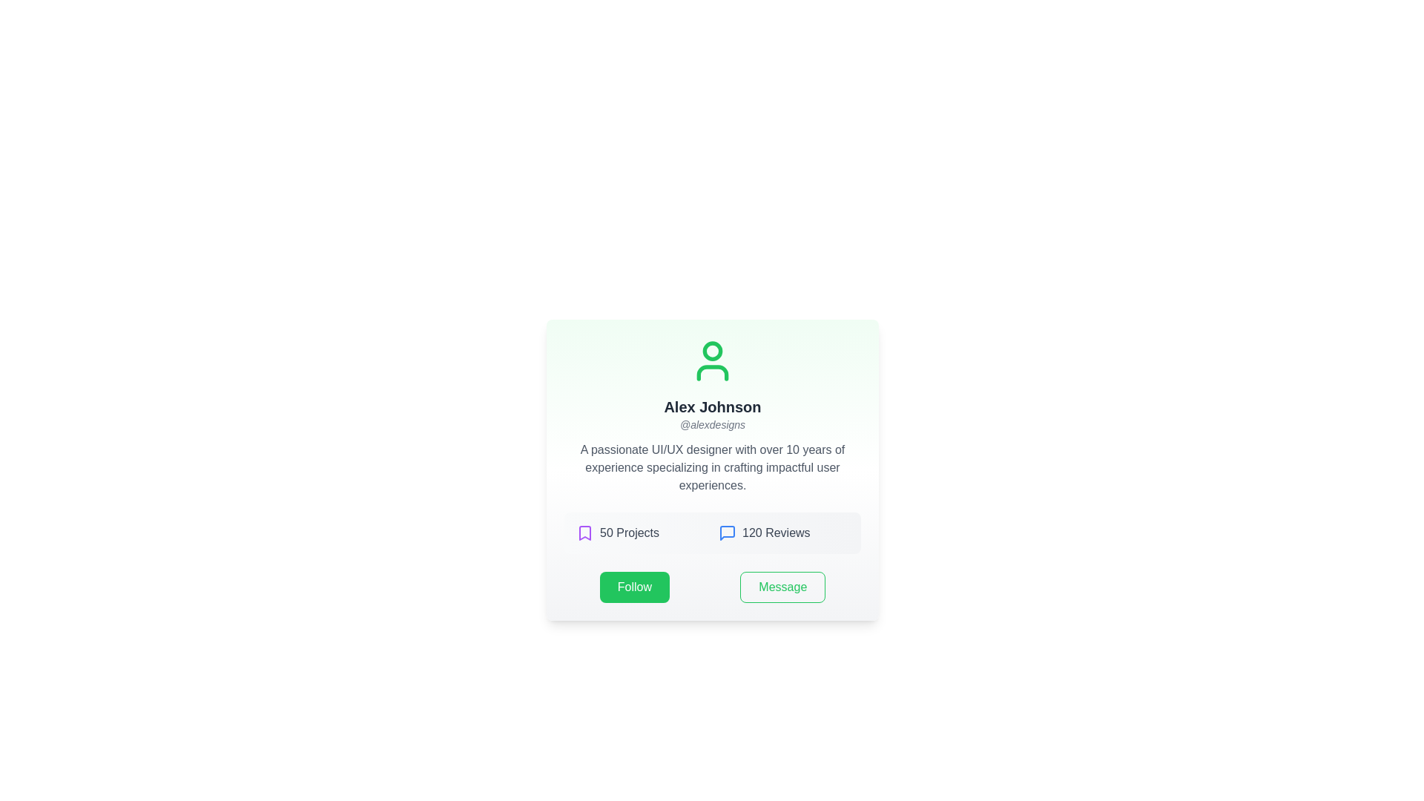 The height and width of the screenshot is (801, 1424). What do you see at coordinates (712, 360) in the screenshot?
I see `the profile icon located centrally at the top of the profile card, which serves as a decorative representation of the user's profile` at bounding box center [712, 360].